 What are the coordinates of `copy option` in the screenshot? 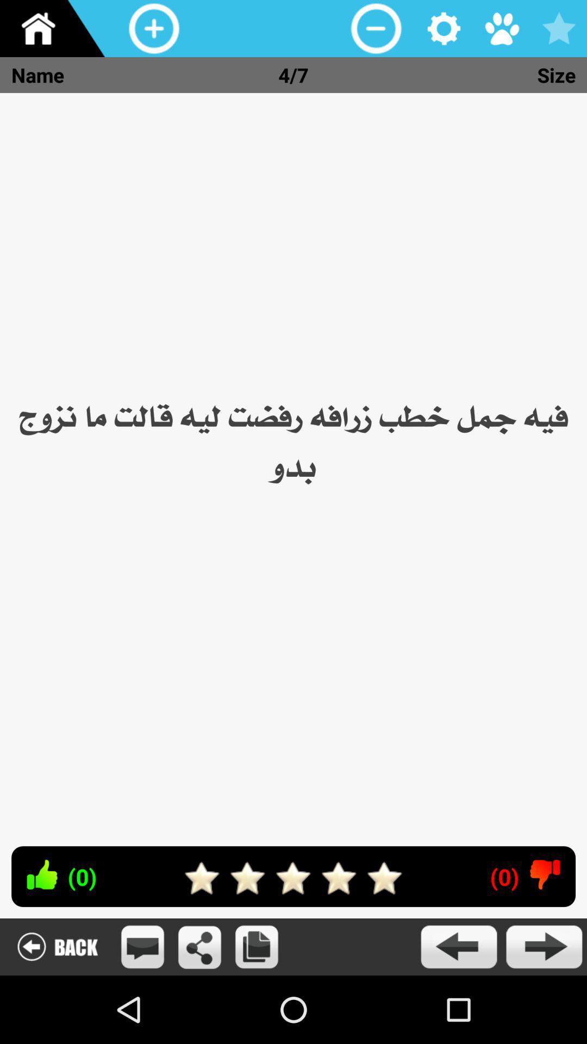 It's located at (257, 946).